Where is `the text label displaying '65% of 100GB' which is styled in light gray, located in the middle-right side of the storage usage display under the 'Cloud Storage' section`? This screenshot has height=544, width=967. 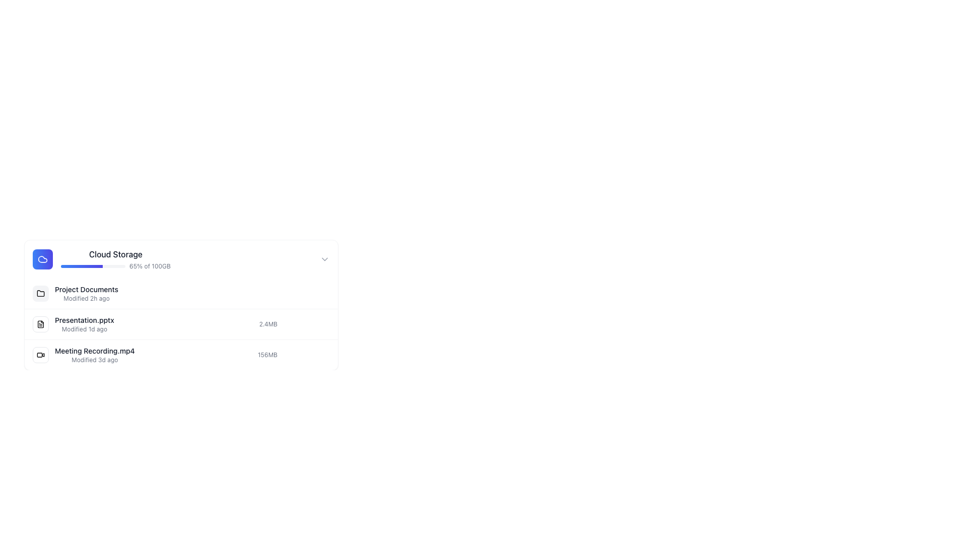 the text label displaying '65% of 100GB' which is styled in light gray, located in the middle-right side of the storage usage display under the 'Cloud Storage' section is located at coordinates (149, 265).